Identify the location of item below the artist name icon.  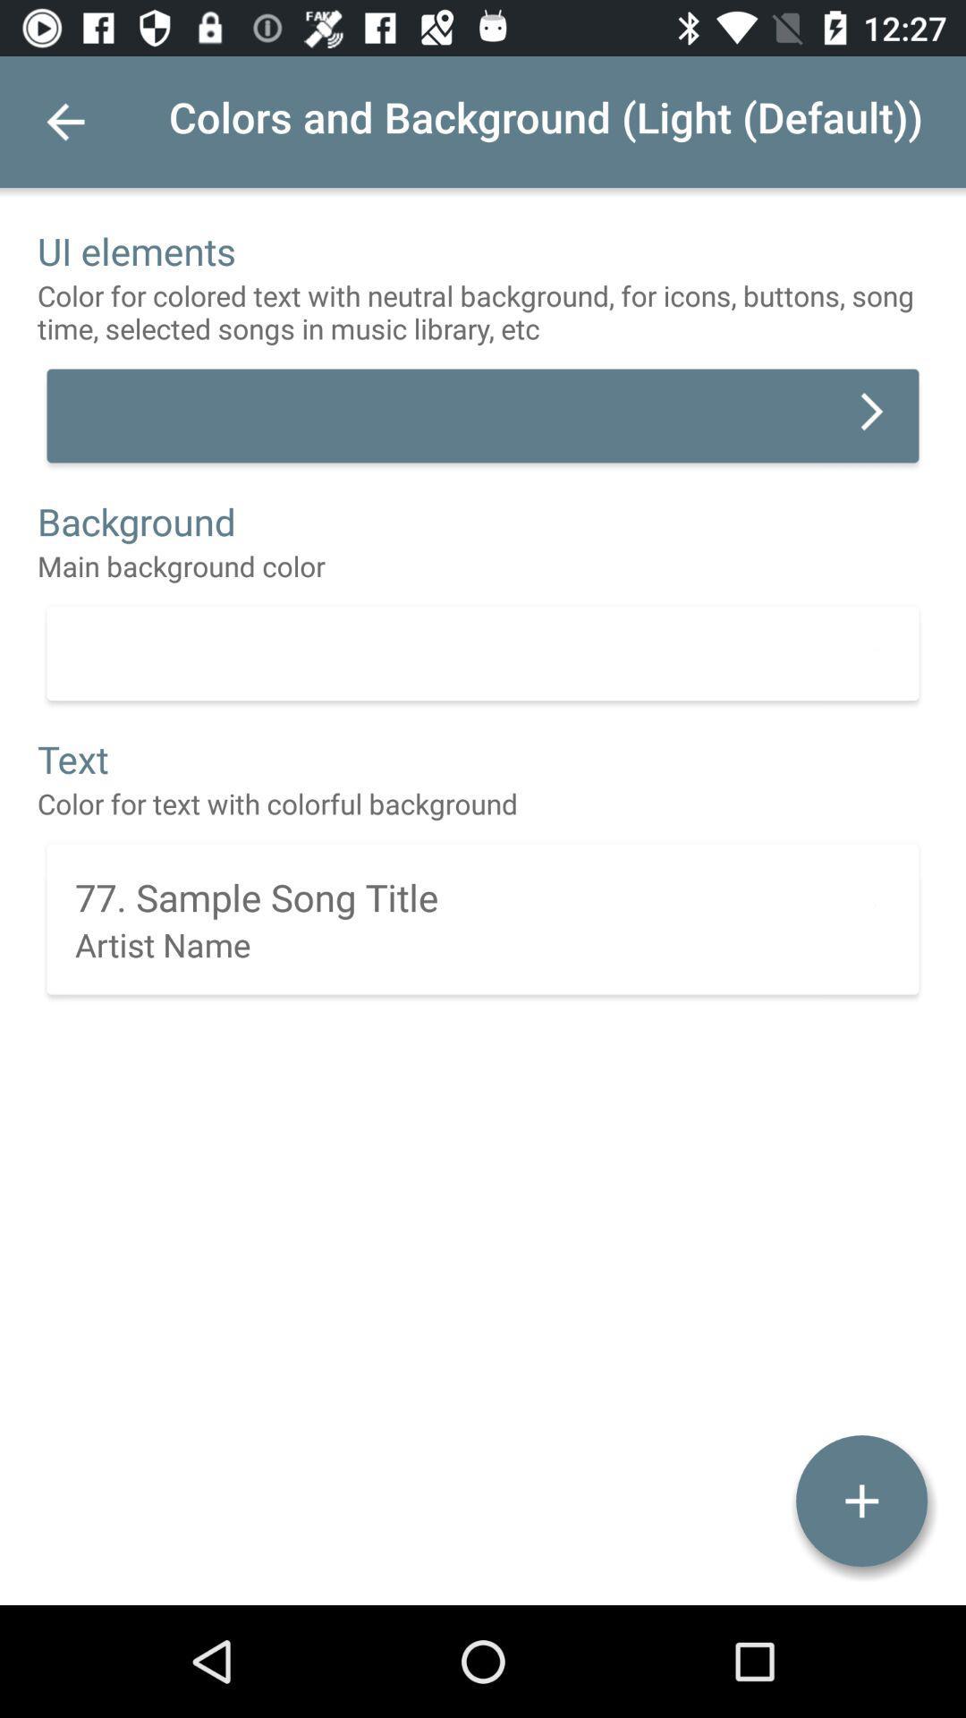
(860, 1501).